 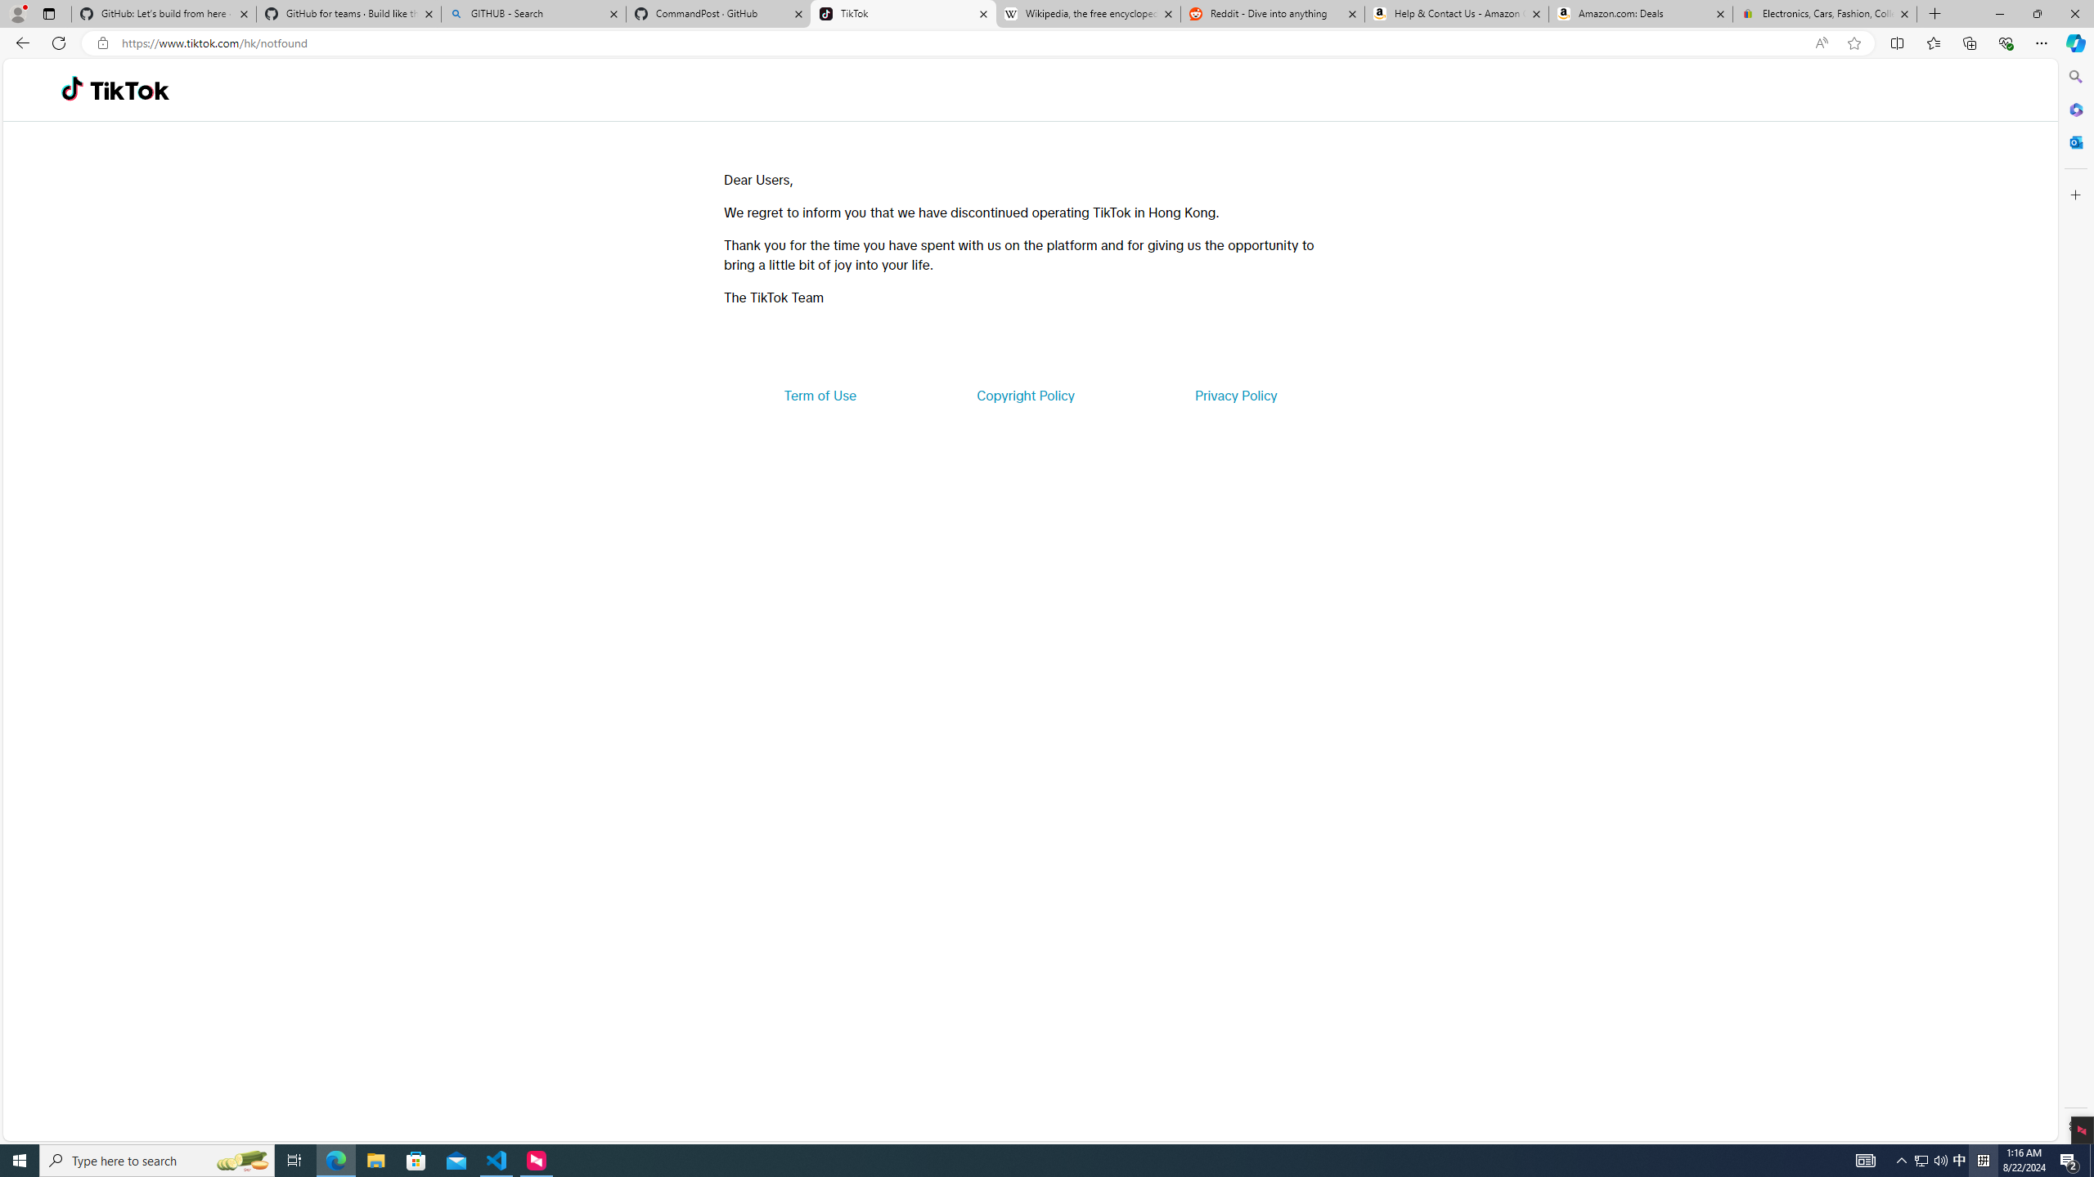 What do you see at coordinates (1998, 13) in the screenshot?
I see `'Minimize'` at bounding box center [1998, 13].